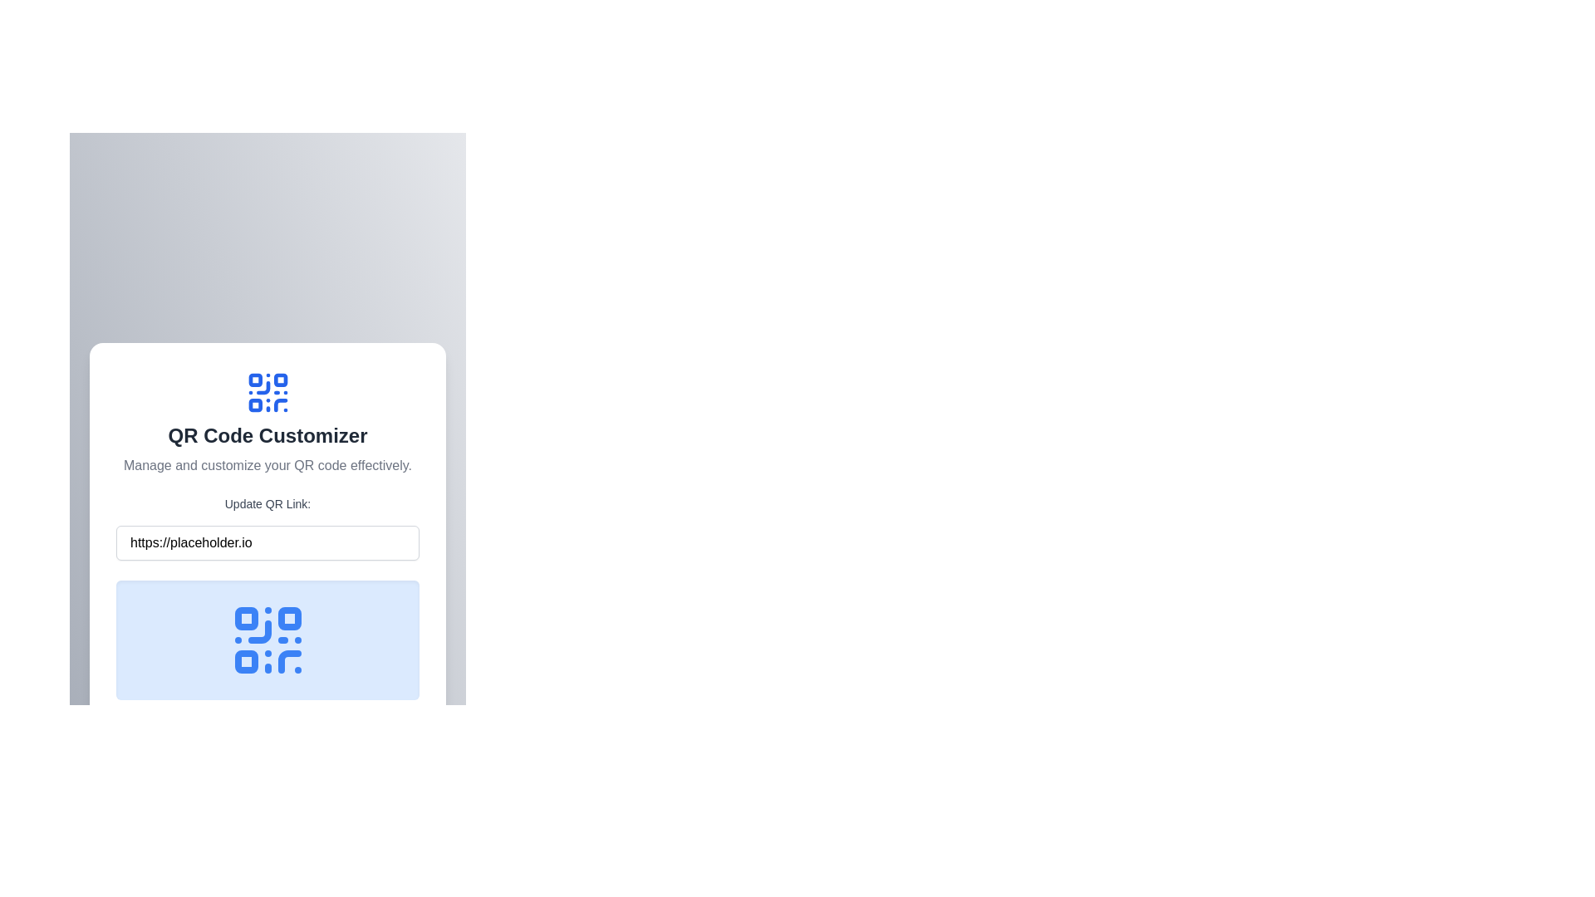 This screenshot has height=897, width=1595. What do you see at coordinates (262, 388) in the screenshot?
I see `the left vertical segment of the QR code icon located within the 'QR Code Customizer' card` at bounding box center [262, 388].